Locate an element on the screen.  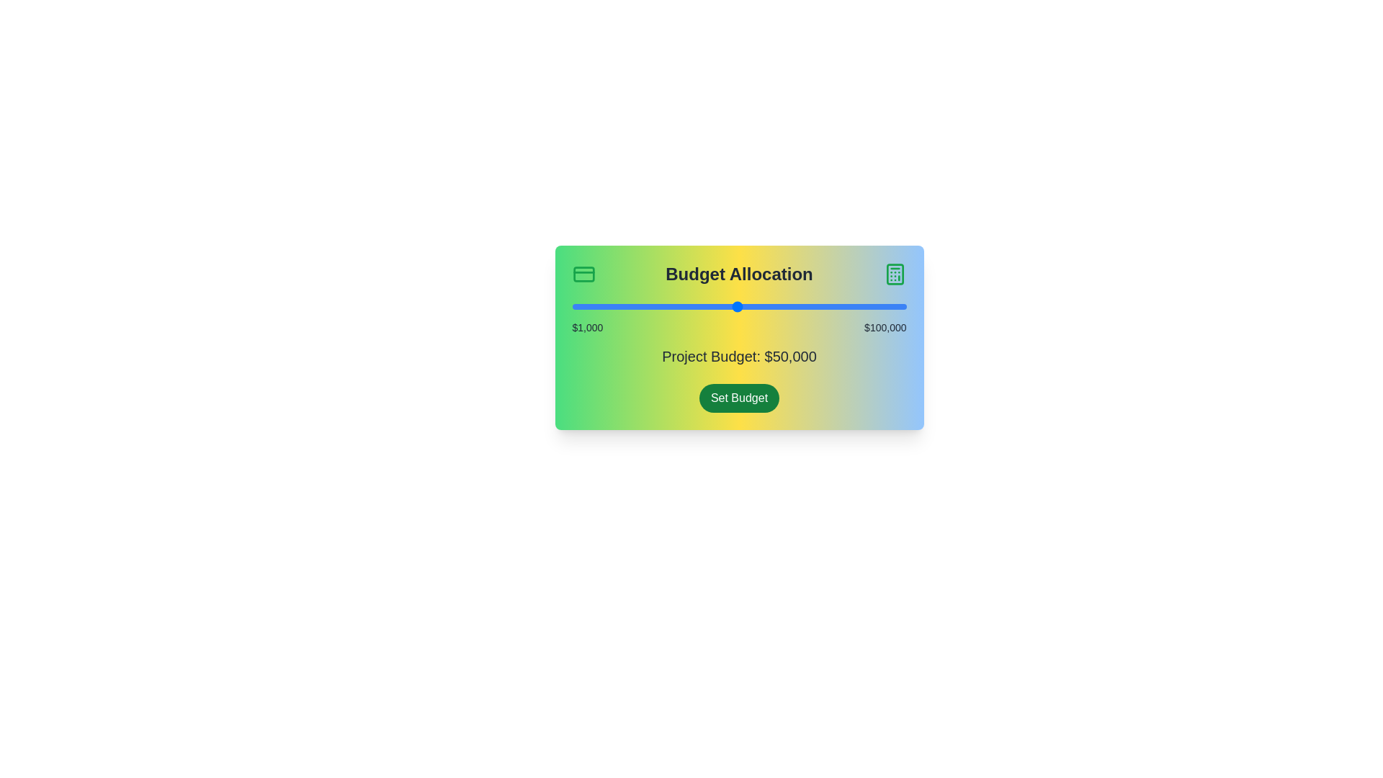
the credit card icon located on the left side of the Budget Allocation header is located at coordinates (583, 274).